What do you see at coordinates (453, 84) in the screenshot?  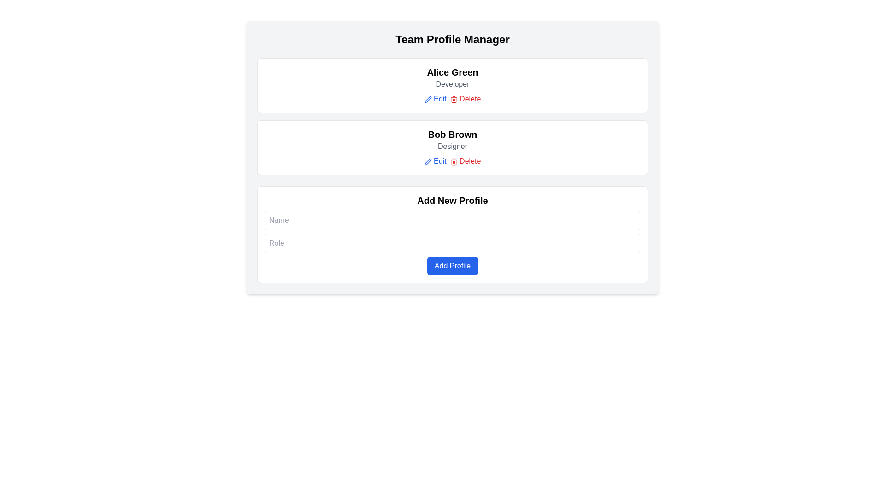 I see `the text label displaying 'Developer', which is styled in gray and located below the 'Alice Green' header and above the 'Edit' and 'Delete' action links` at bounding box center [453, 84].